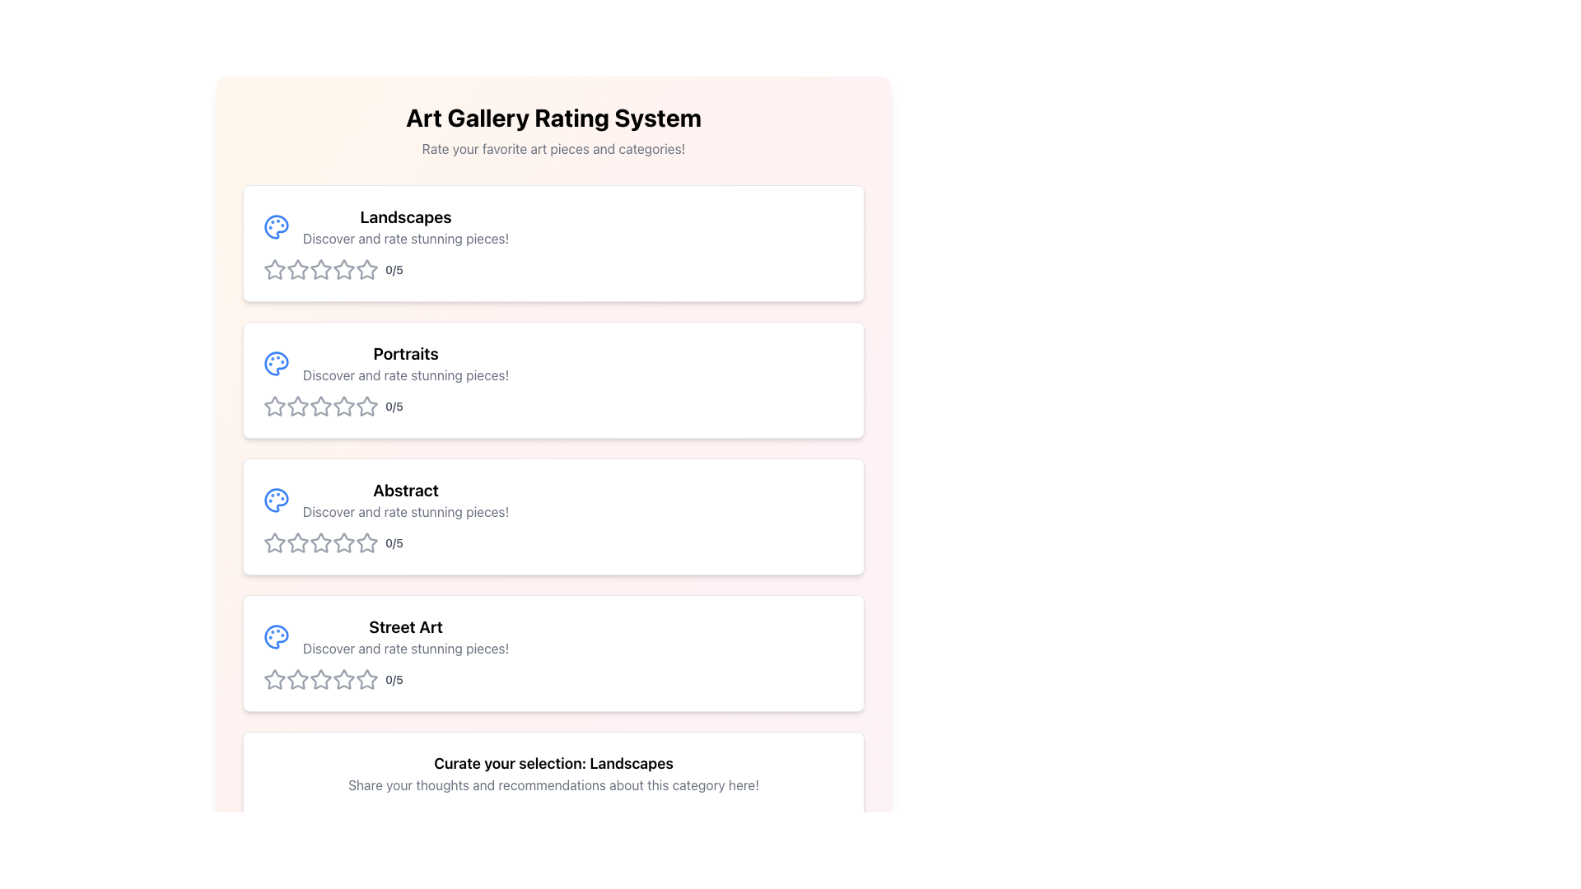 The width and height of the screenshot is (1581, 889). Describe the element at coordinates (343, 268) in the screenshot. I see `the second star-shaped rating icon with a hollow interior and gray outline, located beside the 'Landscapes' entry, to rate it` at that location.